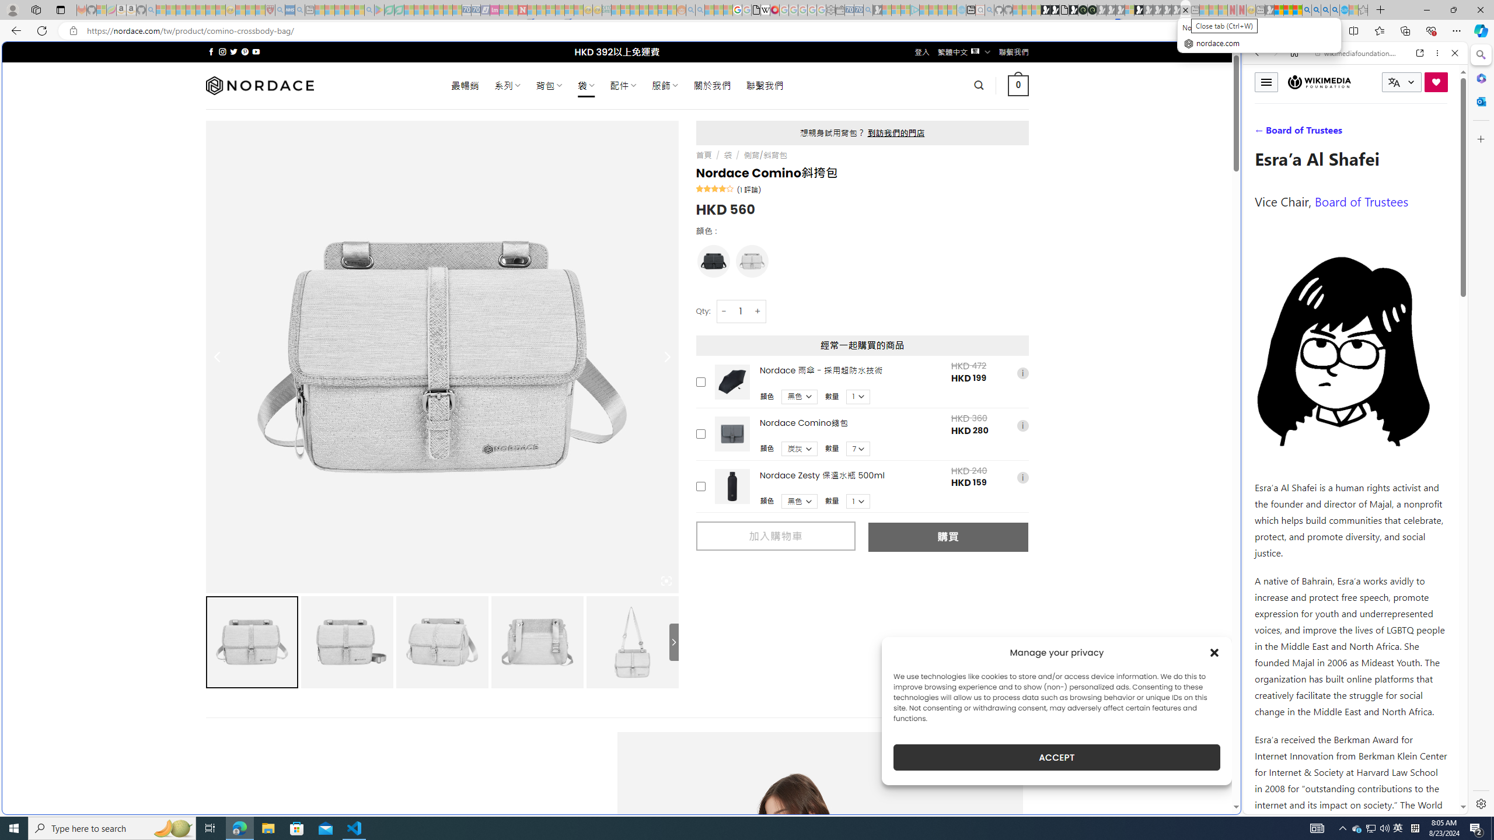 This screenshot has width=1494, height=840. Describe the element at coordinates (1363, 9) in the screenshot. I see `'Favorites - Sleeping'` at that location.